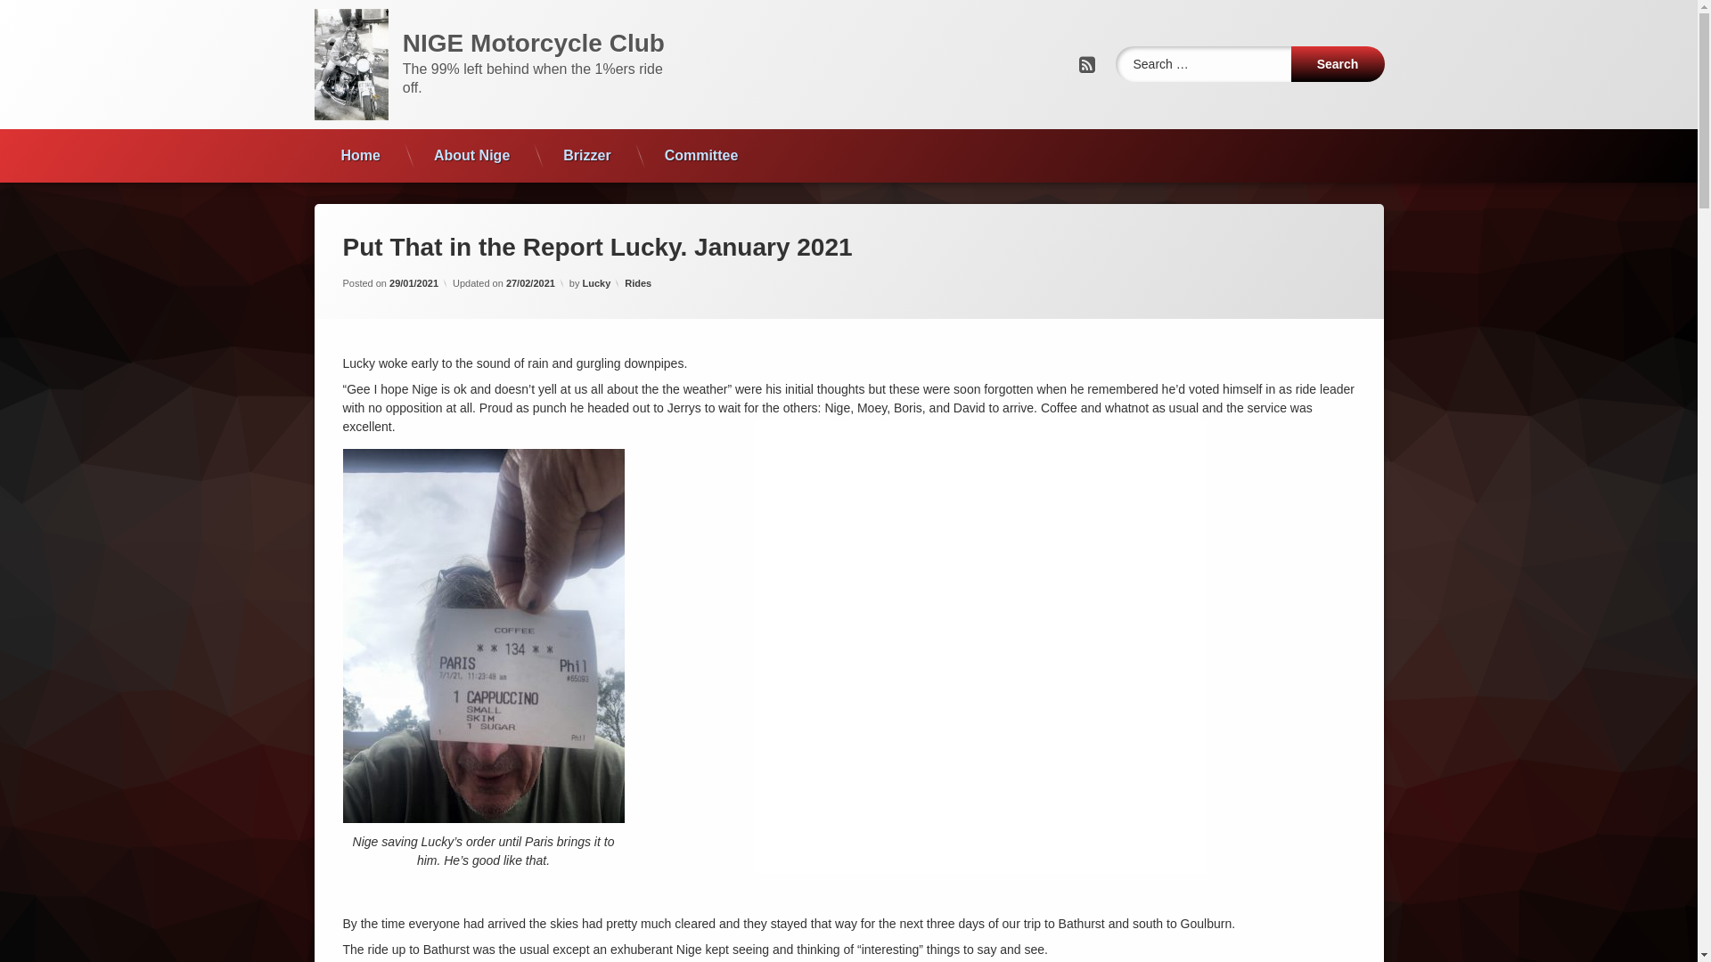 The height and width of the screenshot is (962, 1711). I want to click on '27/02/2021', so click(529, 281).